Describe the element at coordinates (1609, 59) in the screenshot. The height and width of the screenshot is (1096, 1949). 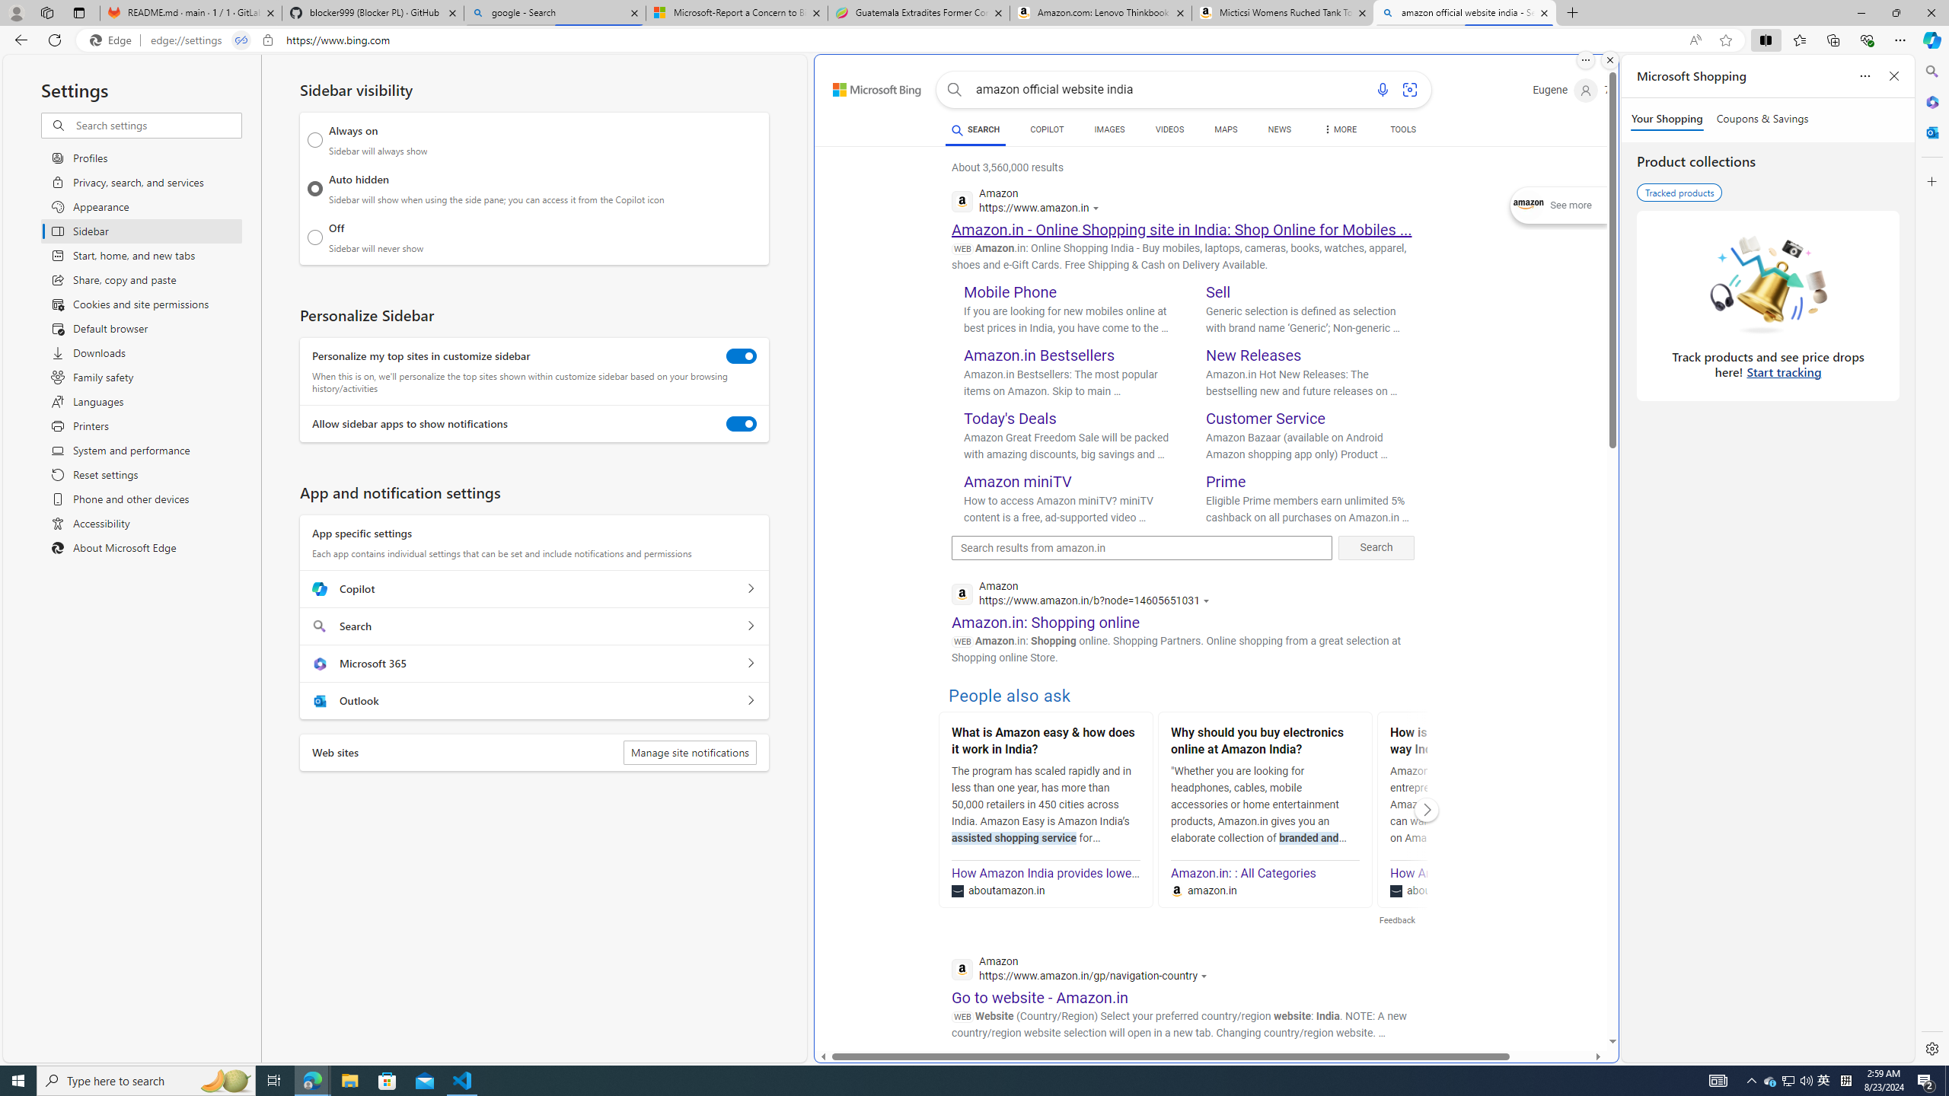
I see `'Close split screen.'` at that location.